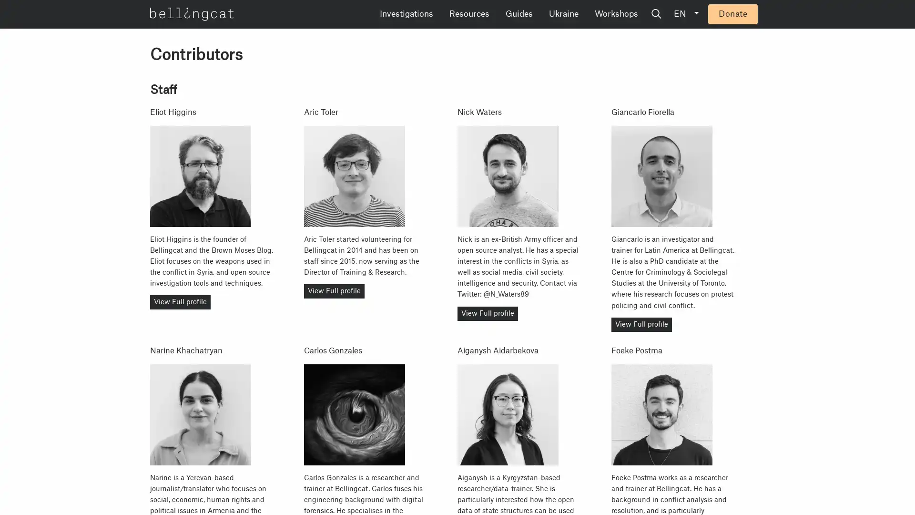 The height and width of the screenshot is (515, 915). I want to click on Search, so click(729, 14).